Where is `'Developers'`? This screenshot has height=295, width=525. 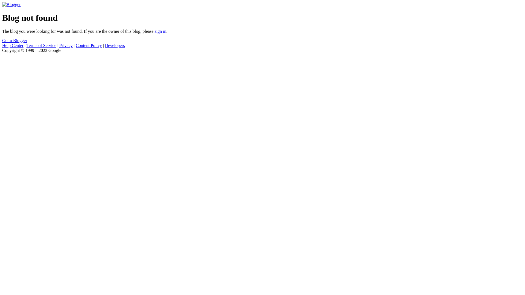
'Developers' is located at coordinates (115, 45).